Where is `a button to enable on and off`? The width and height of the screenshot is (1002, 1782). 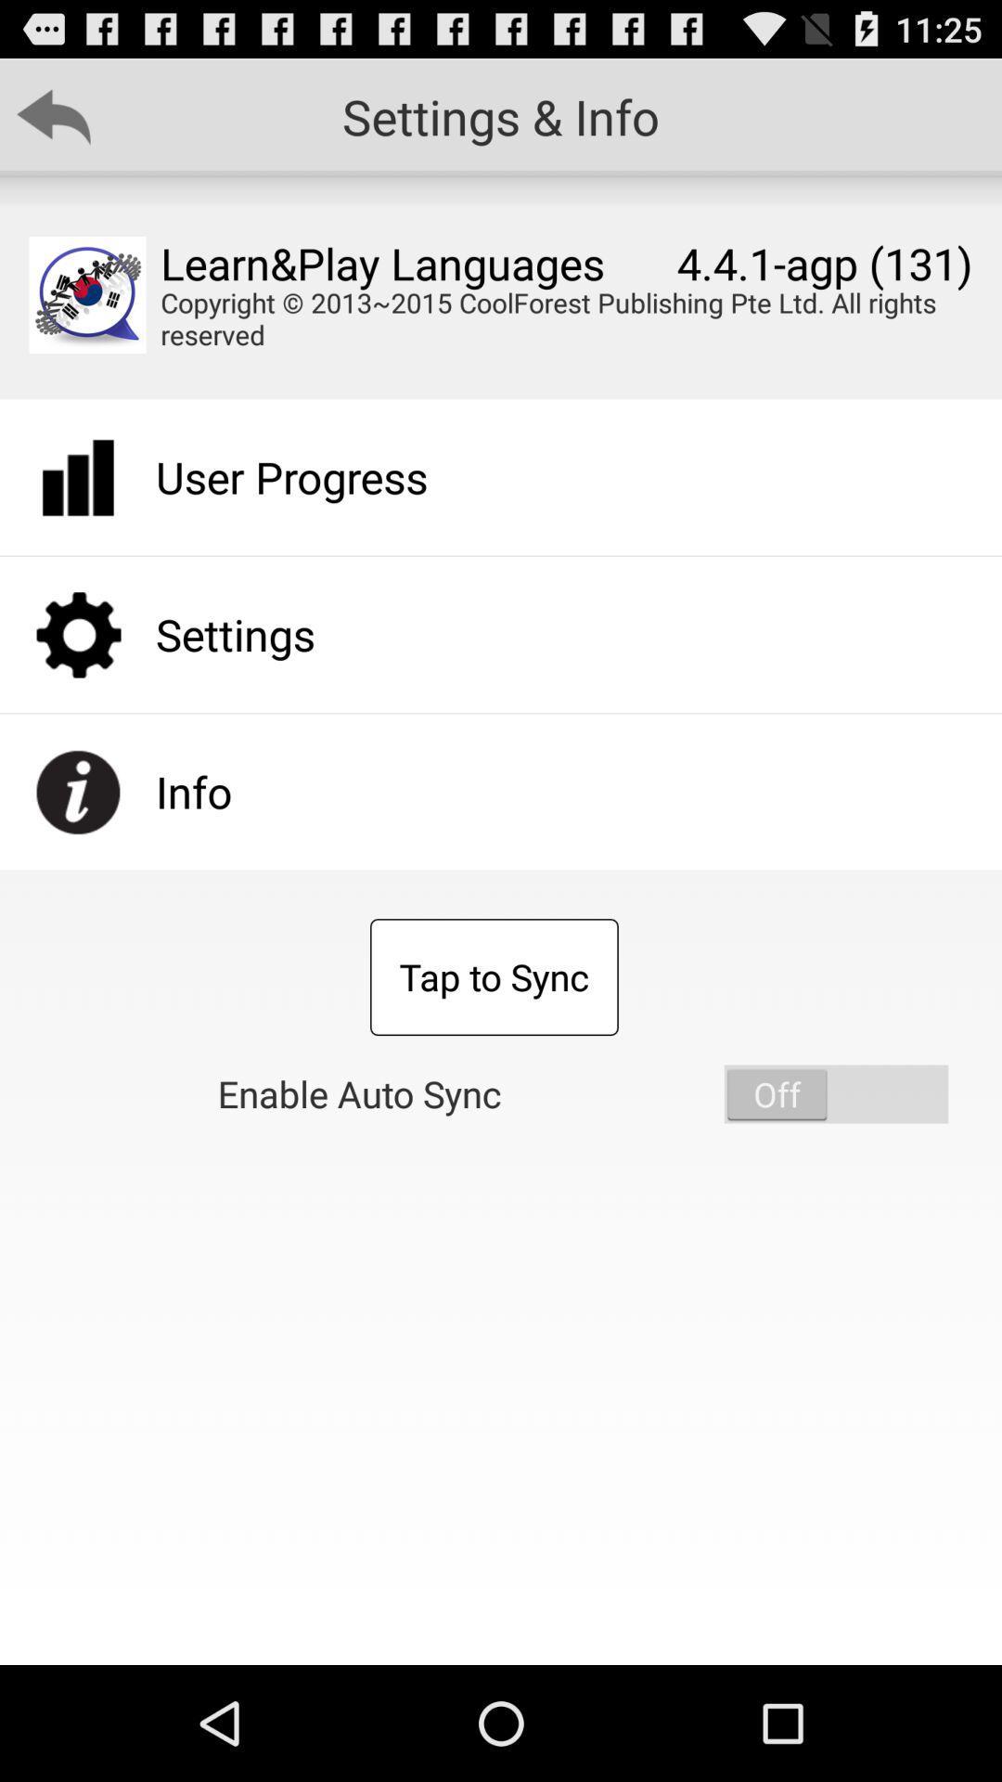 a button to enable on and off is located at coordinates (836, 1094).